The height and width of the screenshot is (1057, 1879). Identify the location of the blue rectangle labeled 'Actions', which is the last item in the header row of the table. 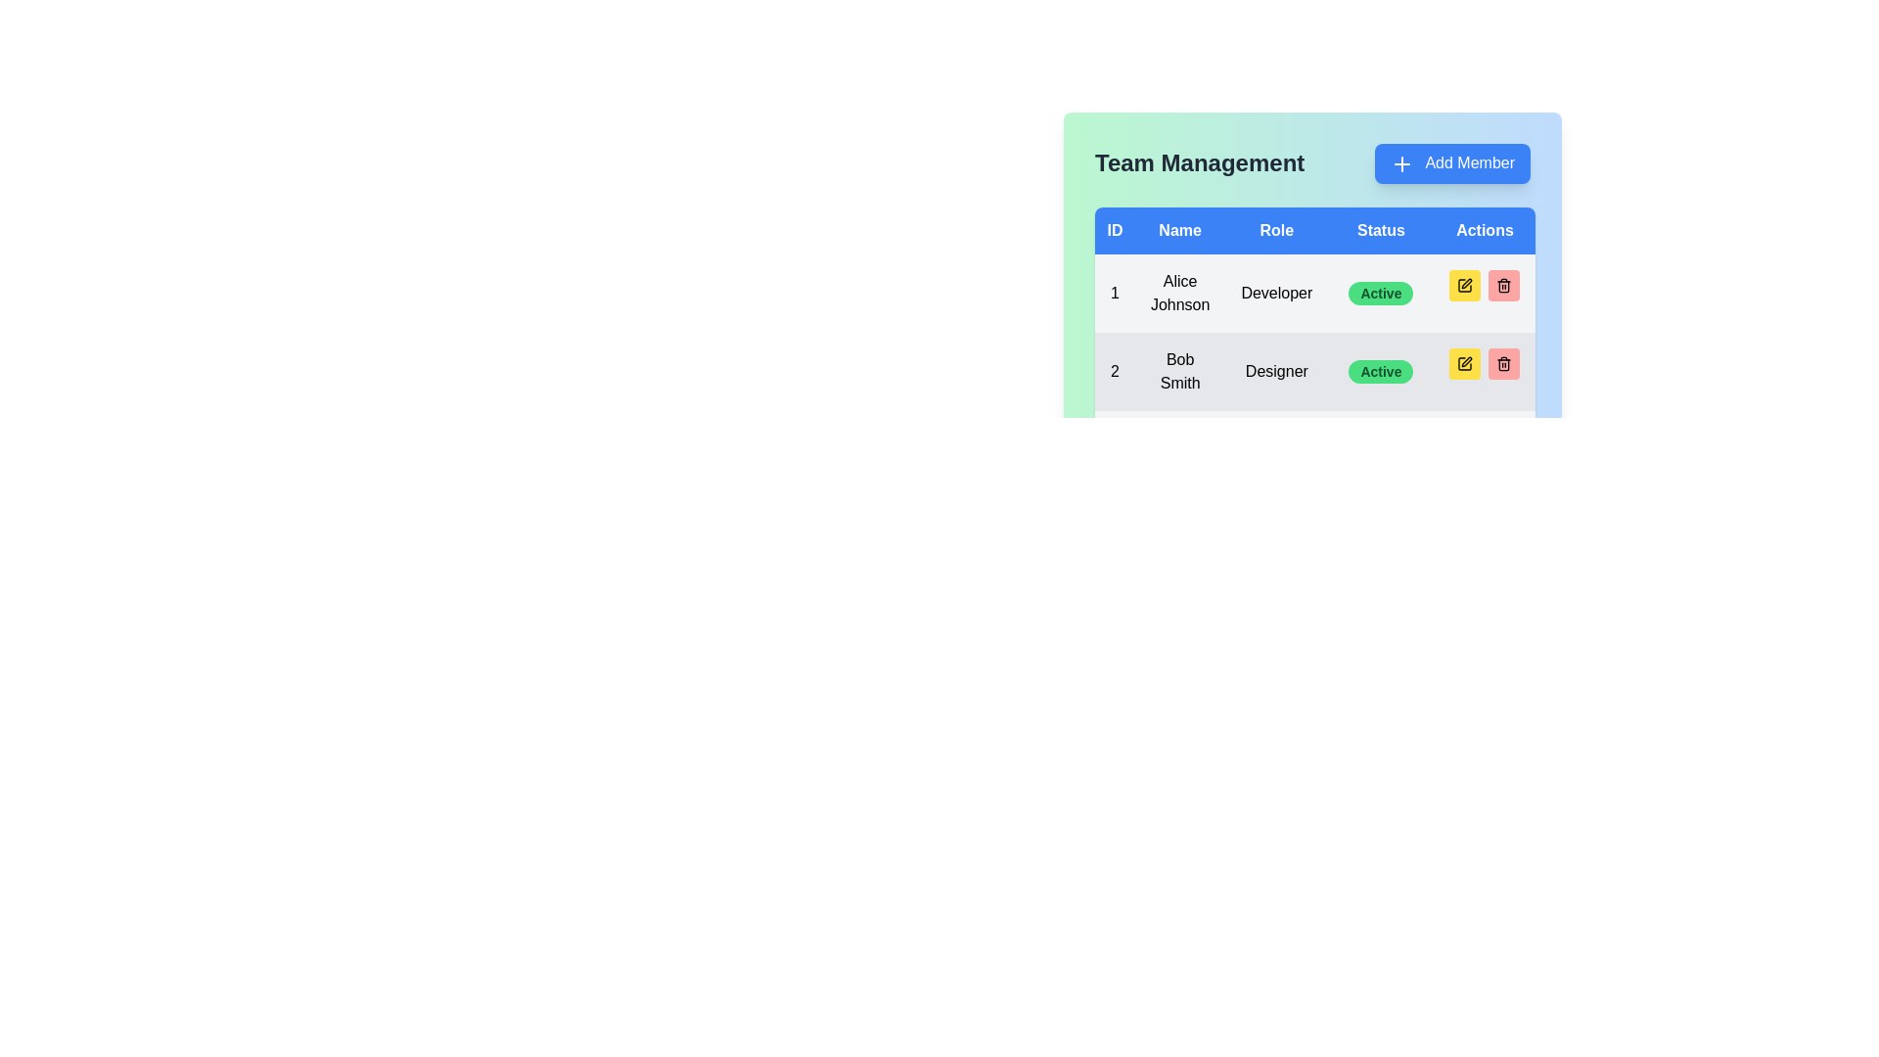
(1485, 229).